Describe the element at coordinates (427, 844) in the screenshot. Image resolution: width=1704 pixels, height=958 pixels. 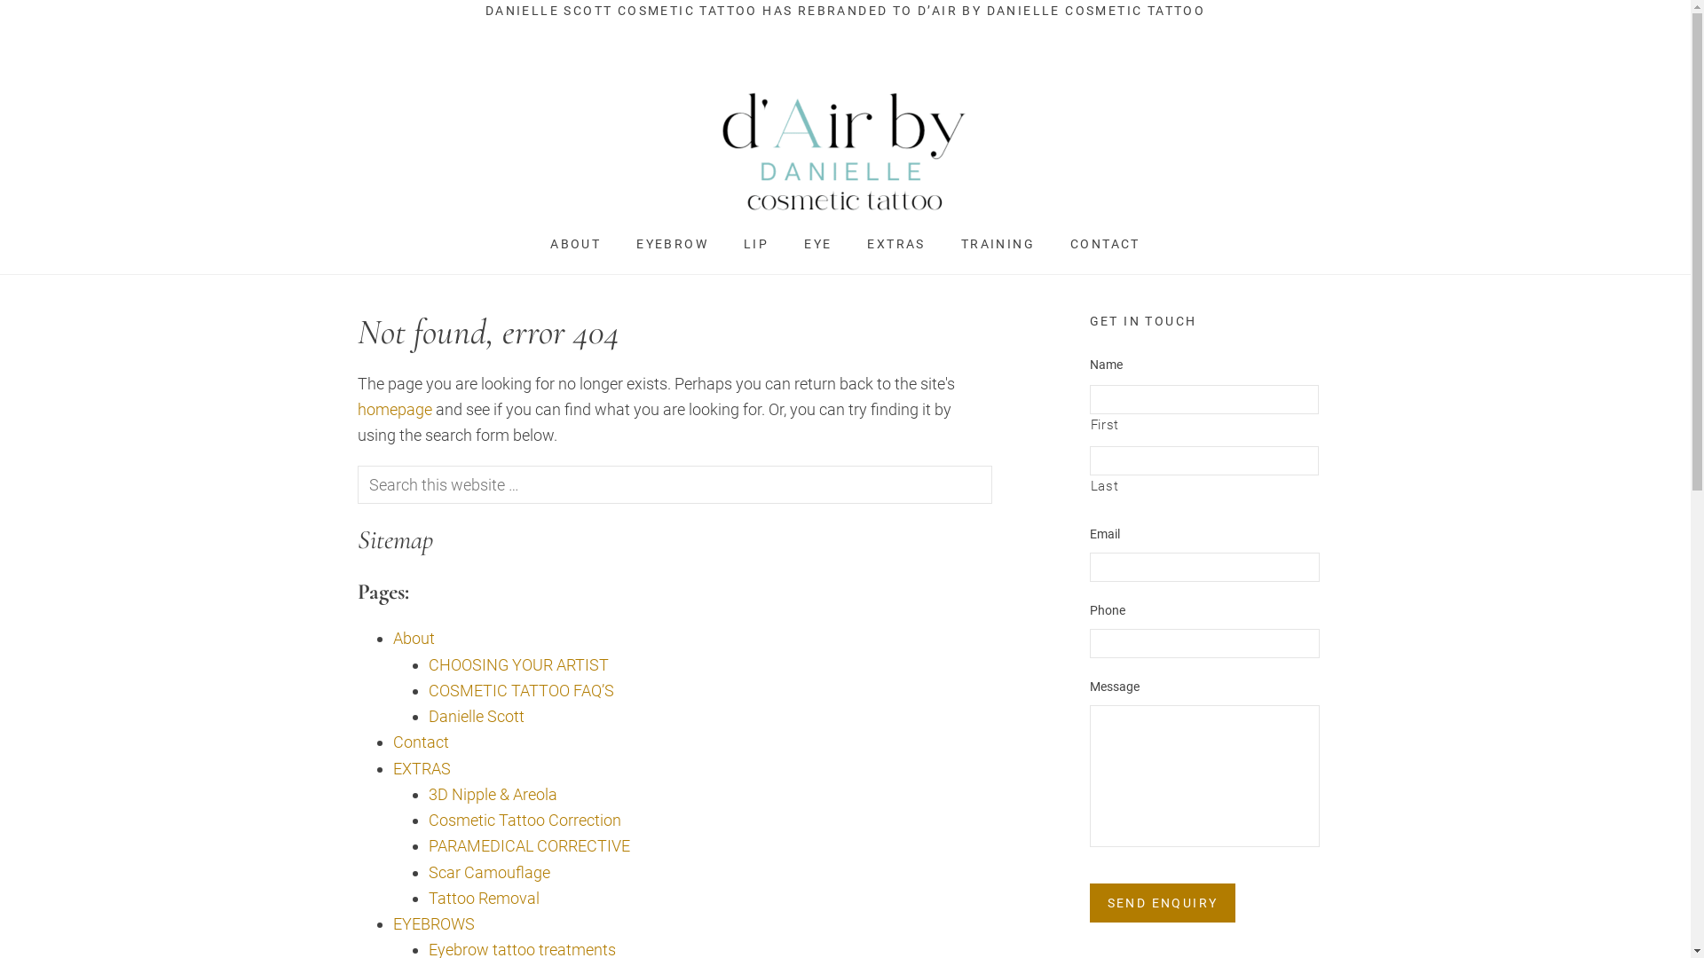
I see `'PARAMEDICAL CORRECTIVE'` at that location.